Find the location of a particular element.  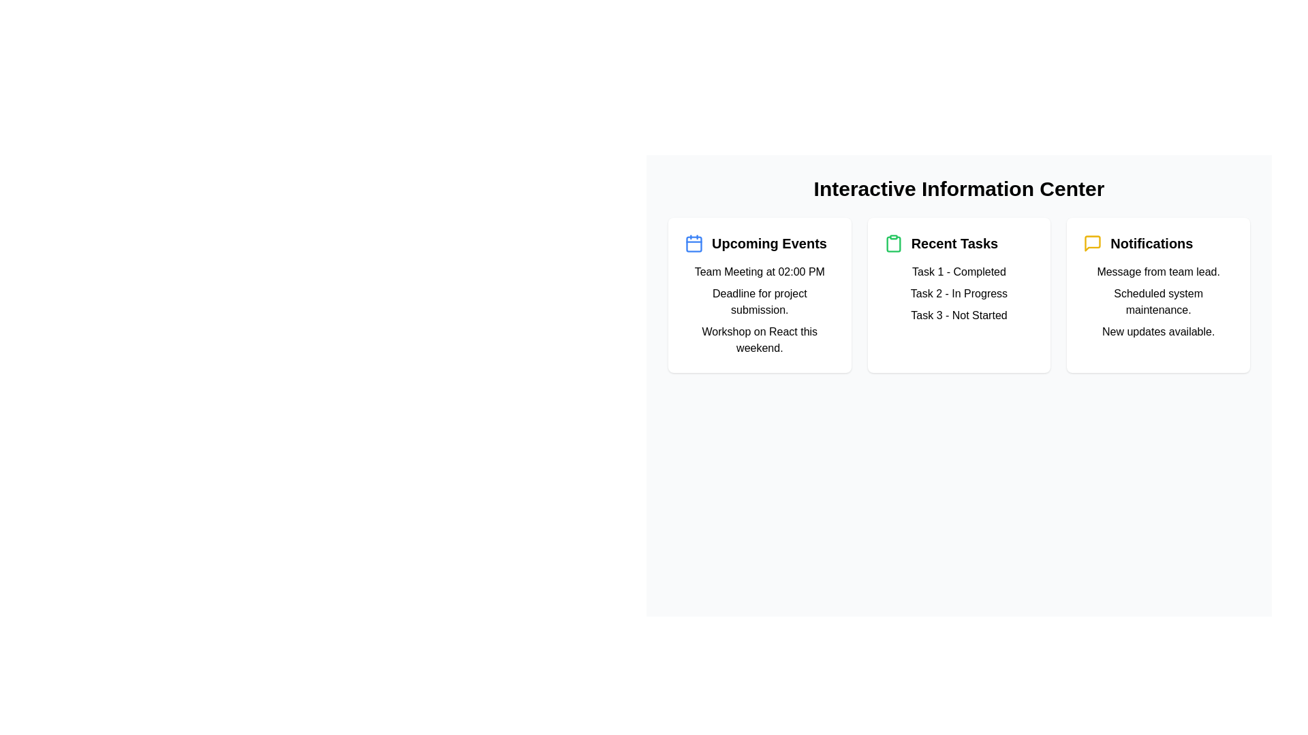

text content of the notification message located in the upper-right portion of the layout under the 'Notifications' column is located at coordinates (1157, 272).